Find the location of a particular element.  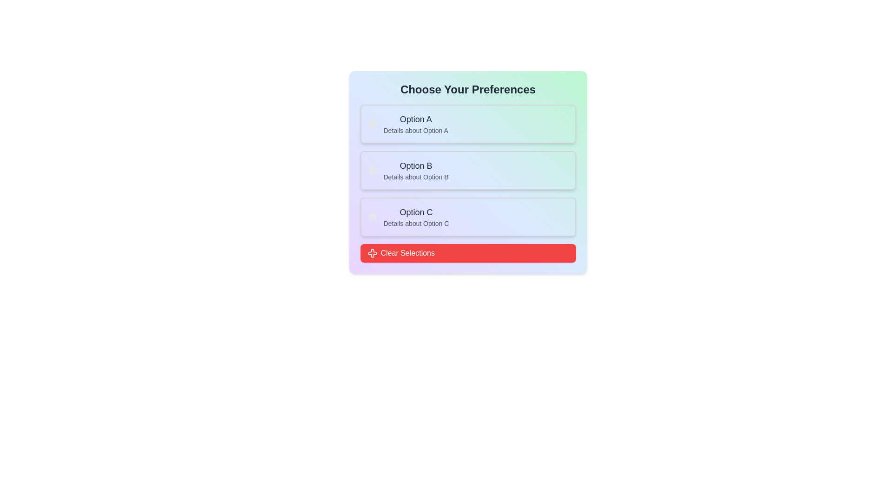

the second selectable option titled 'Option B' within the Card component that displays 'Choose Your Preferences' is located at coordinates (468, 172).